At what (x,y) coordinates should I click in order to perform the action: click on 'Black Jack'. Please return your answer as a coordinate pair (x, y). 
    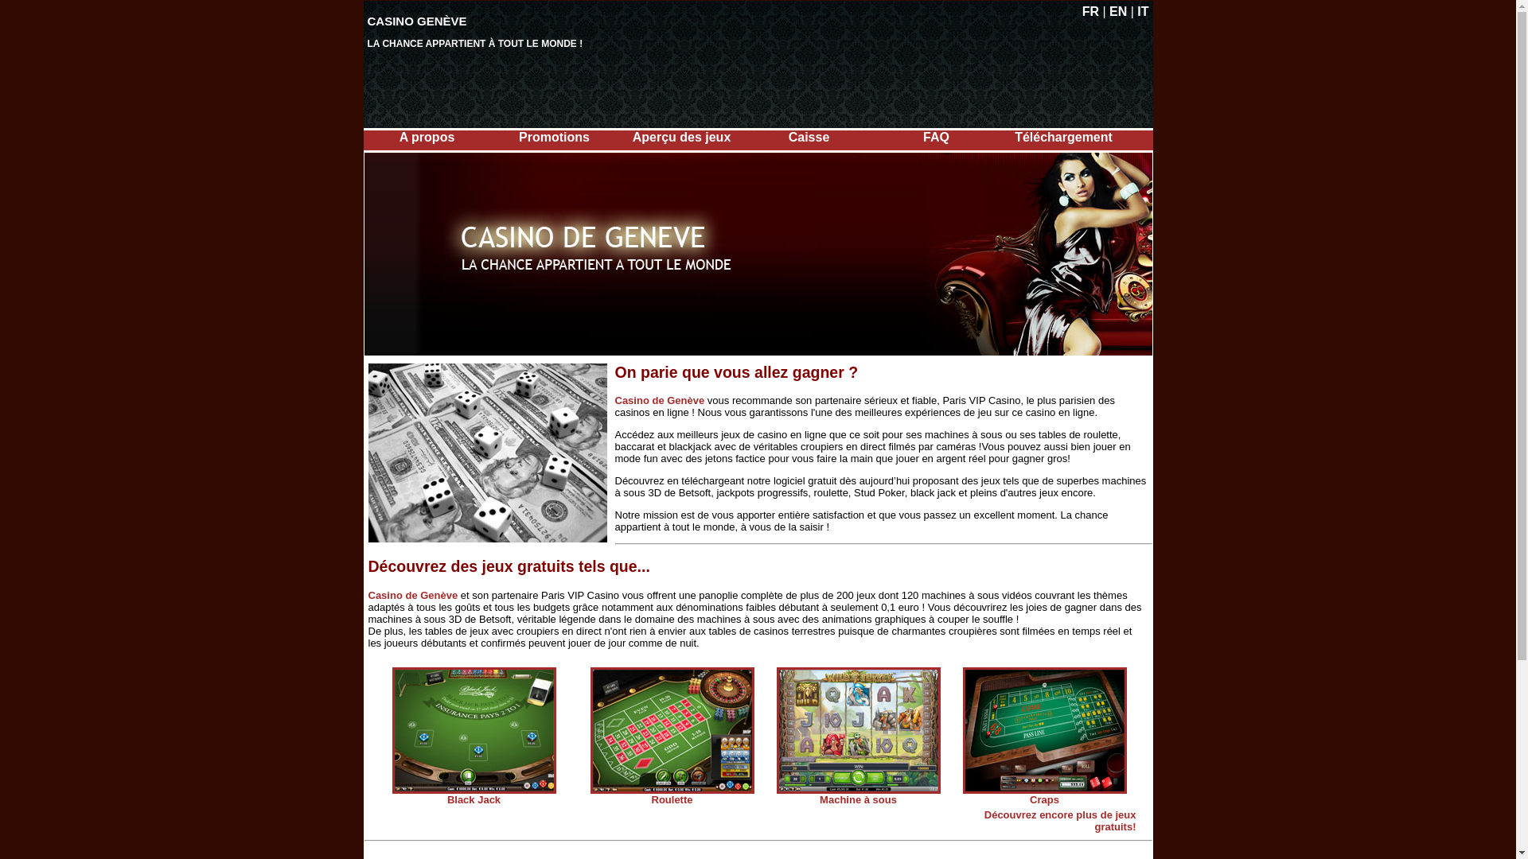
    Looking at the image, I should click on (473, 799).